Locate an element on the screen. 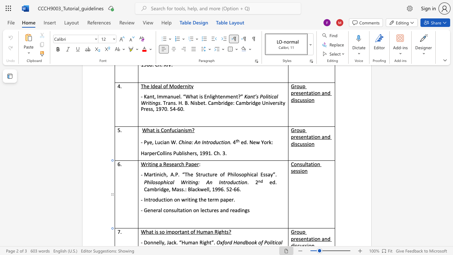 This screenshot has width=453, height=255. the 2th character "s" in the text is located at coordinates (160, 232).